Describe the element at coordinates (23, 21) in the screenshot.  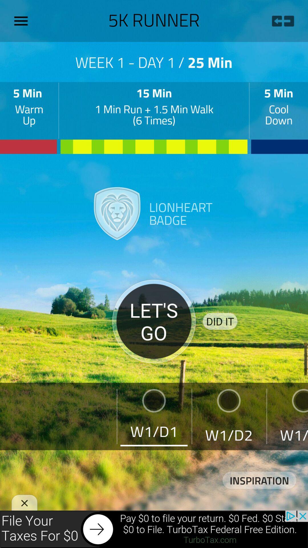
I see `menu button` at that location.